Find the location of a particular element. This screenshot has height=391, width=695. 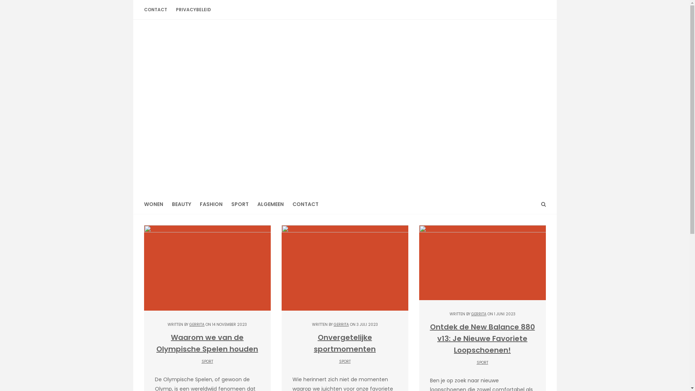

'PRIVACYBELEID' is located at coordinates (193, 9).